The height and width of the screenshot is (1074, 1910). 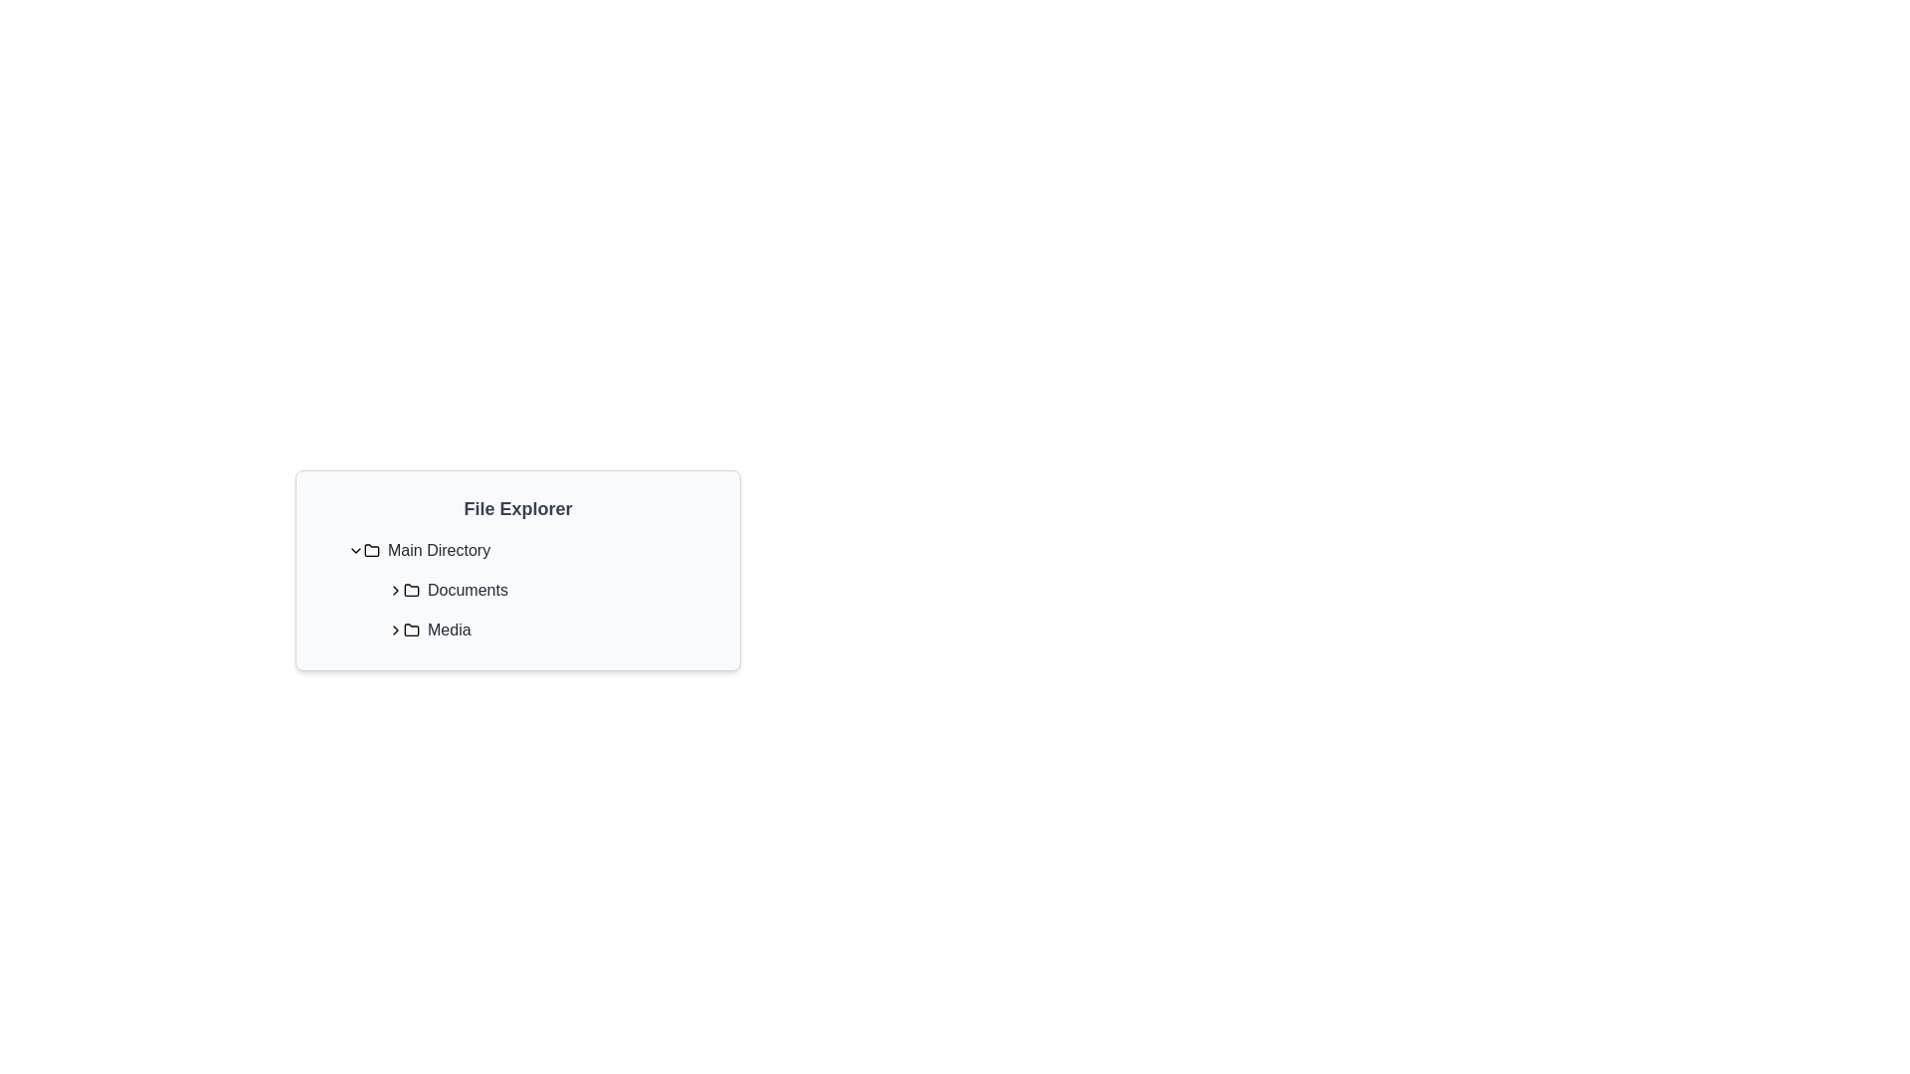 I want to click on the Chevron Icon, so click(x=356, y=551).